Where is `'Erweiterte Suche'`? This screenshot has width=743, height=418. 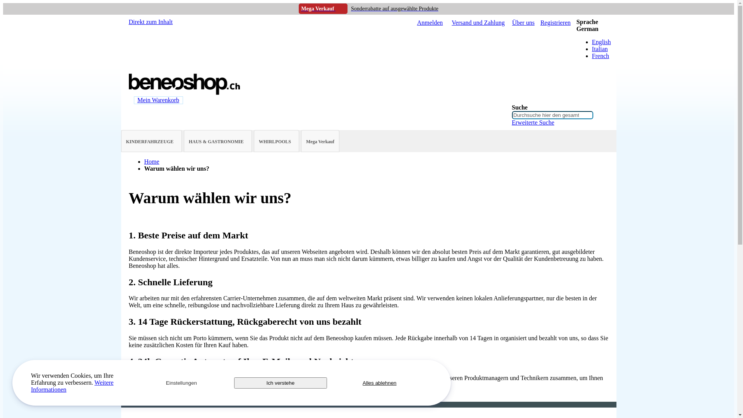 'Erweiterte Suche' is located at coordinates (532, 122).